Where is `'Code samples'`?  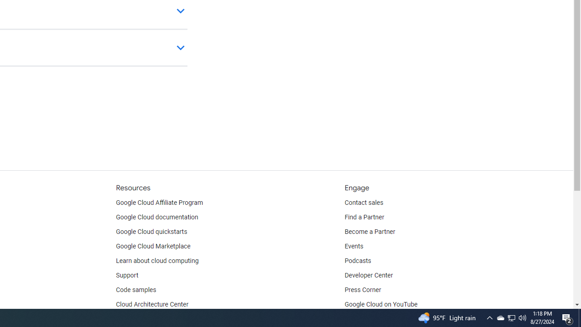 'Code samples' is located at coordinates (136, 290).